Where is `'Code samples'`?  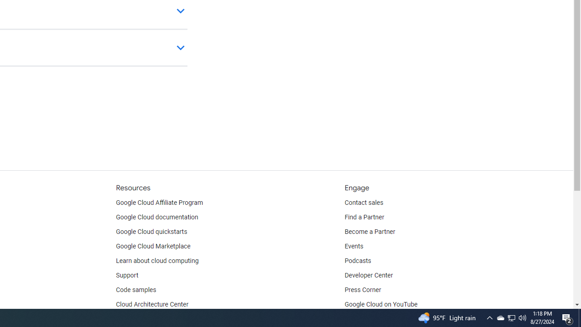 'Code samples' is located at coordinates (136, 290).